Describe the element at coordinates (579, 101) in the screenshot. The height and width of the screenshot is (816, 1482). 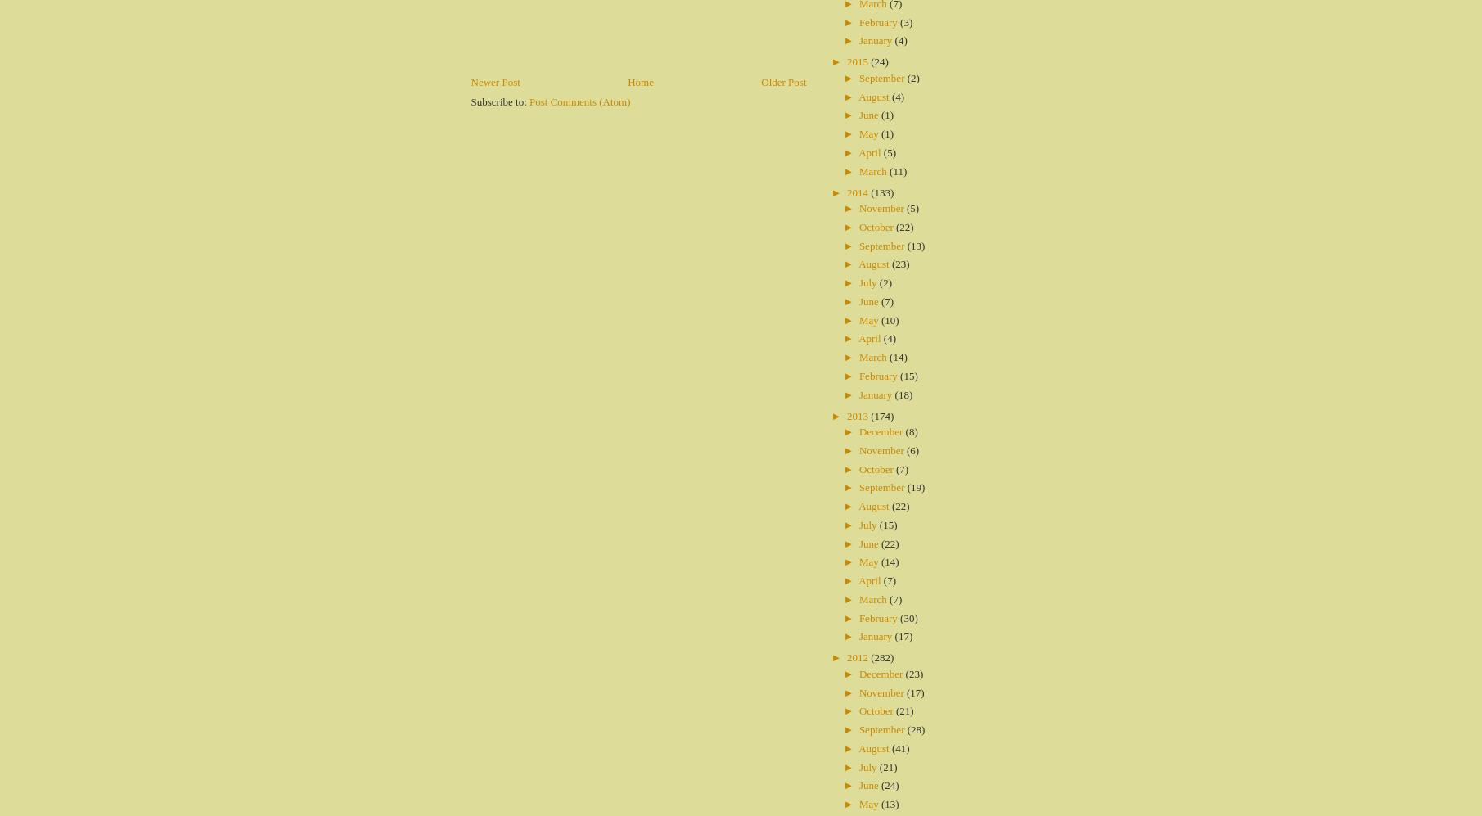
I see `'Post Comments (Atom)'` at that location.